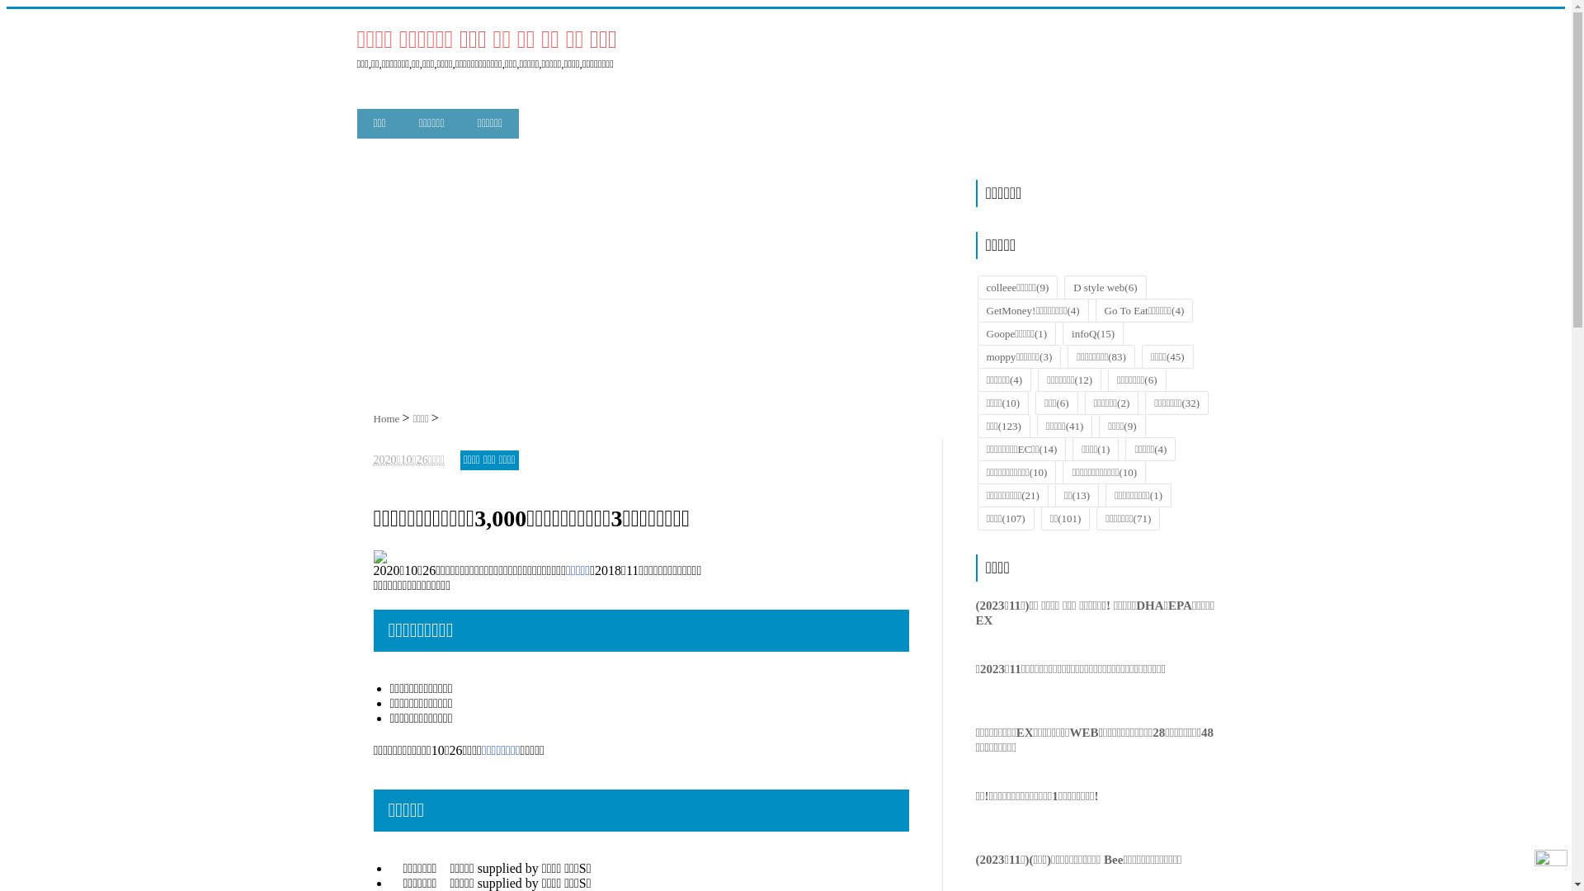 The width and height of the screenshot is (1584, 891). I want to click on 'infoQ(15)', so click(1092, 333).